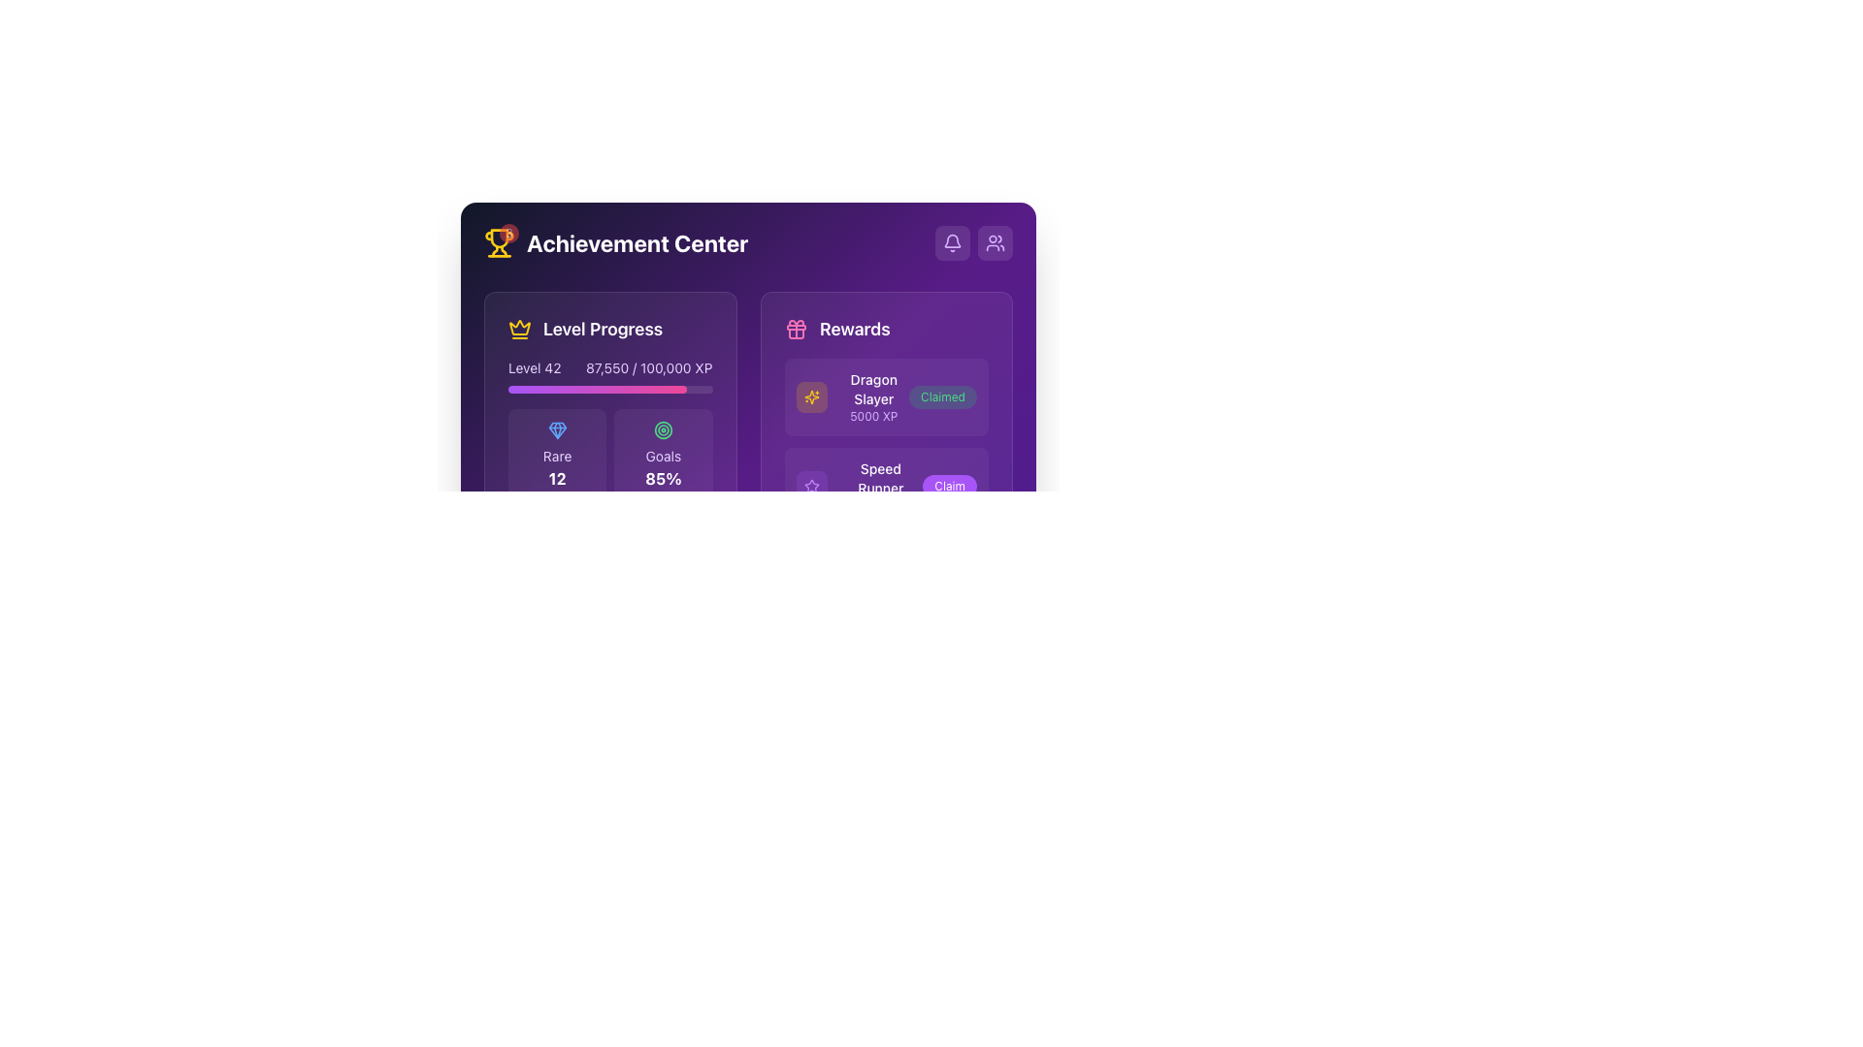 Image resolution: width=1863 pixels, height=1047 pixels. I want to click on the text label that describes the progress percentage '85%' within the 'Goals' card in the 'Achievement Center' panel, so click(663, 456).